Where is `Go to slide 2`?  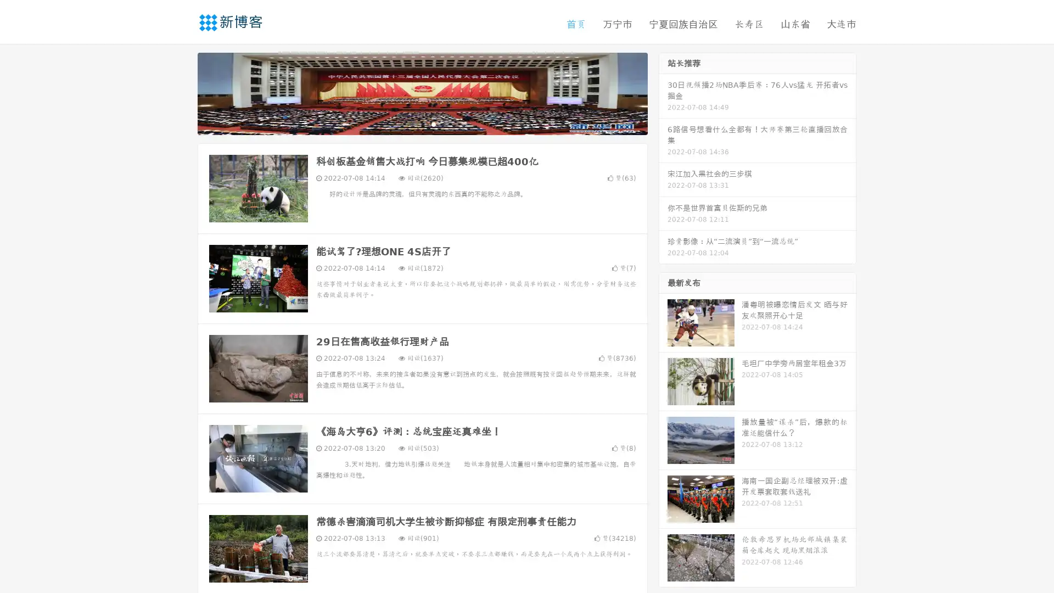 Go to slide 2 is located at coordinates (422, 124).